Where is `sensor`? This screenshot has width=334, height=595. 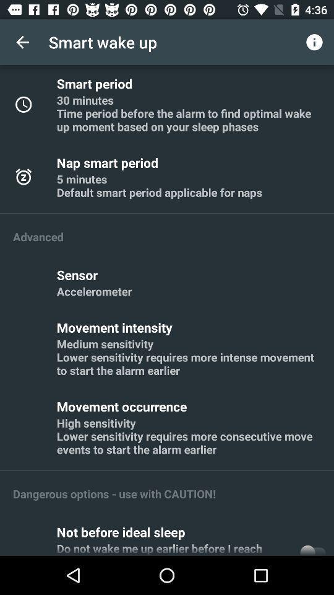 sensor is located at coordinates (79, 275).